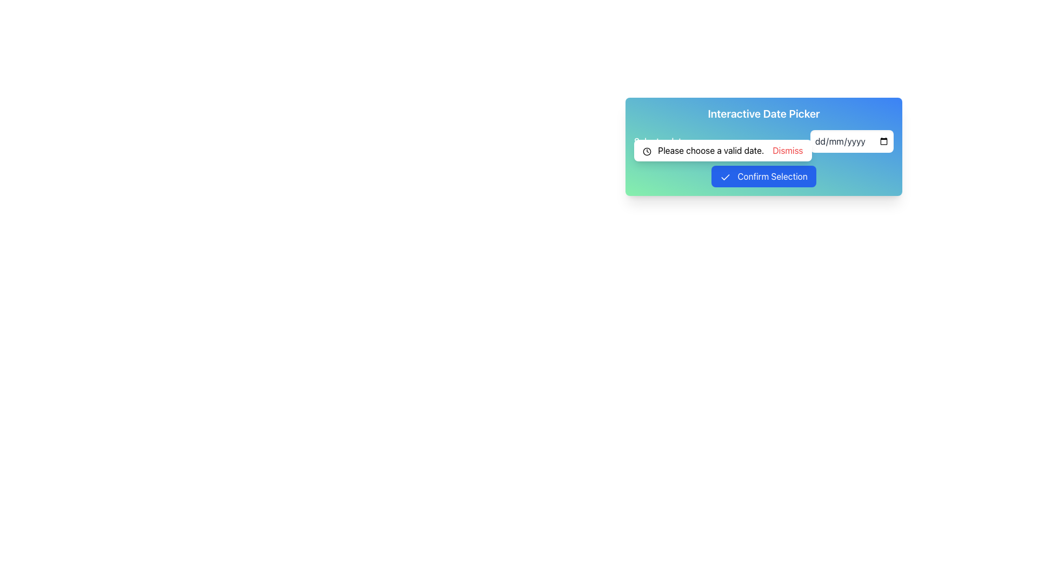 The image size is (1038, 583). What do you see at coordinates (723, 150) in the screenshot?
I see `notification text displayed in the Notification bar located centrally below the date input field and above the 'Confirm Selection' button` at bounding box center [723, 150].